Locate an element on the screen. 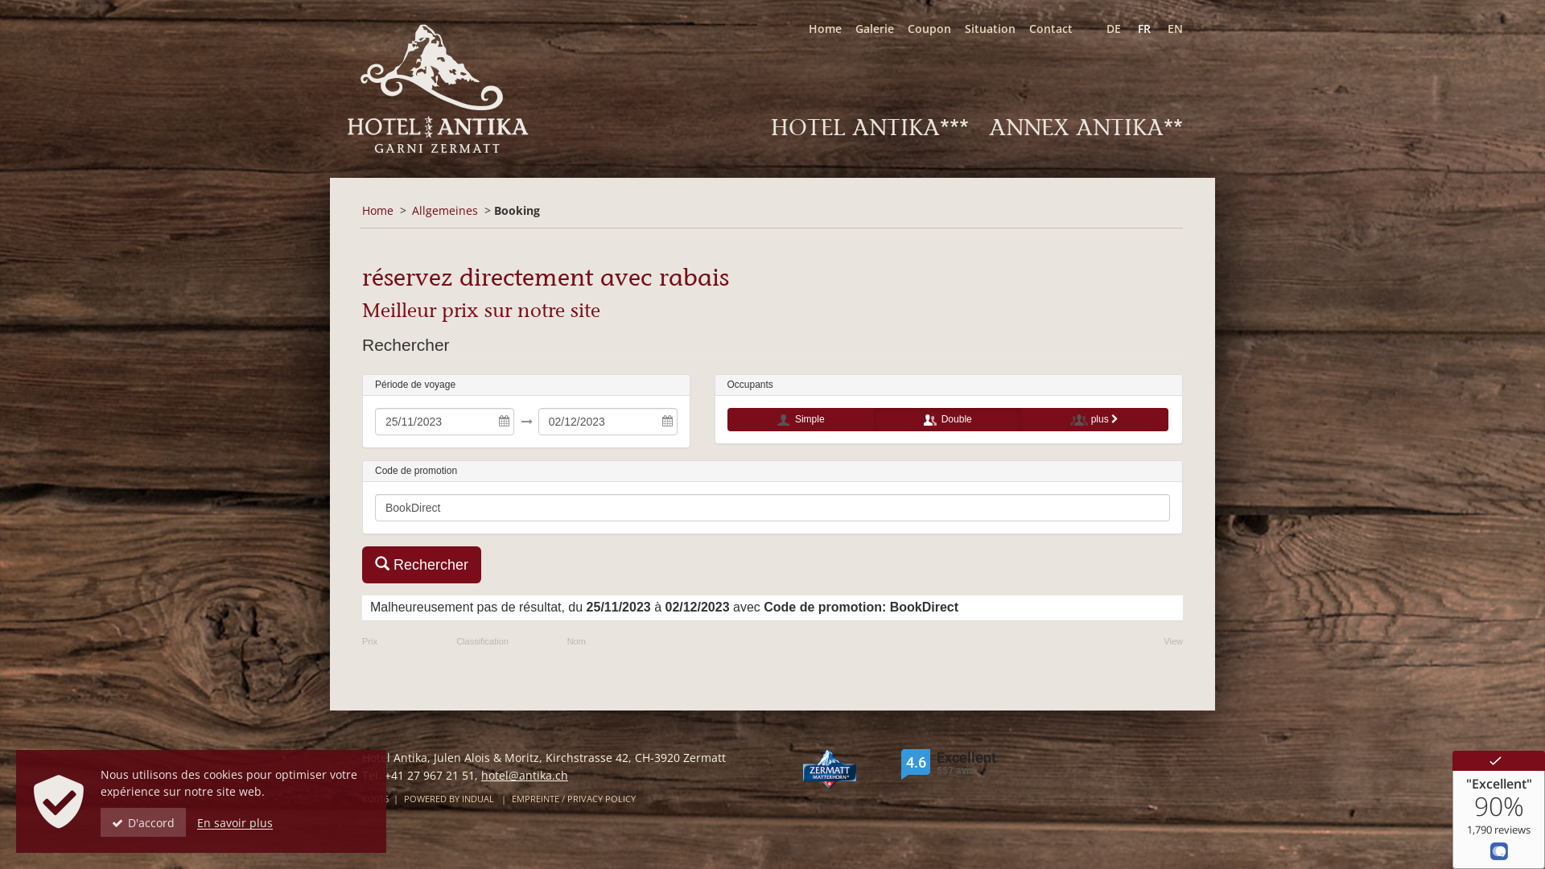  'EN' is located at coordinates (1168, 28).